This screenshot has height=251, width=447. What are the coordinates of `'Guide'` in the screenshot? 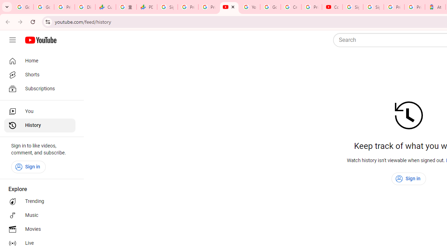 It's located at (12, 40).